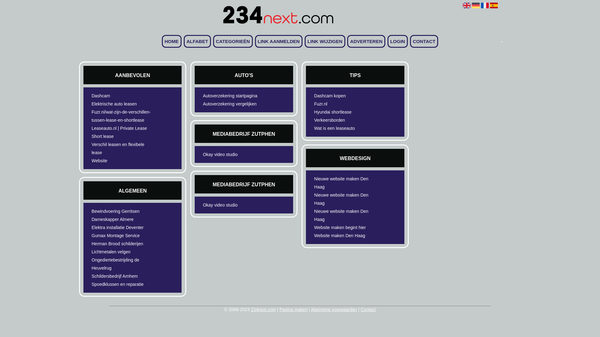  Describe the element at coordinates (122, 236) in the screenshot. I see `'Gumax Montage Service'` at that location.